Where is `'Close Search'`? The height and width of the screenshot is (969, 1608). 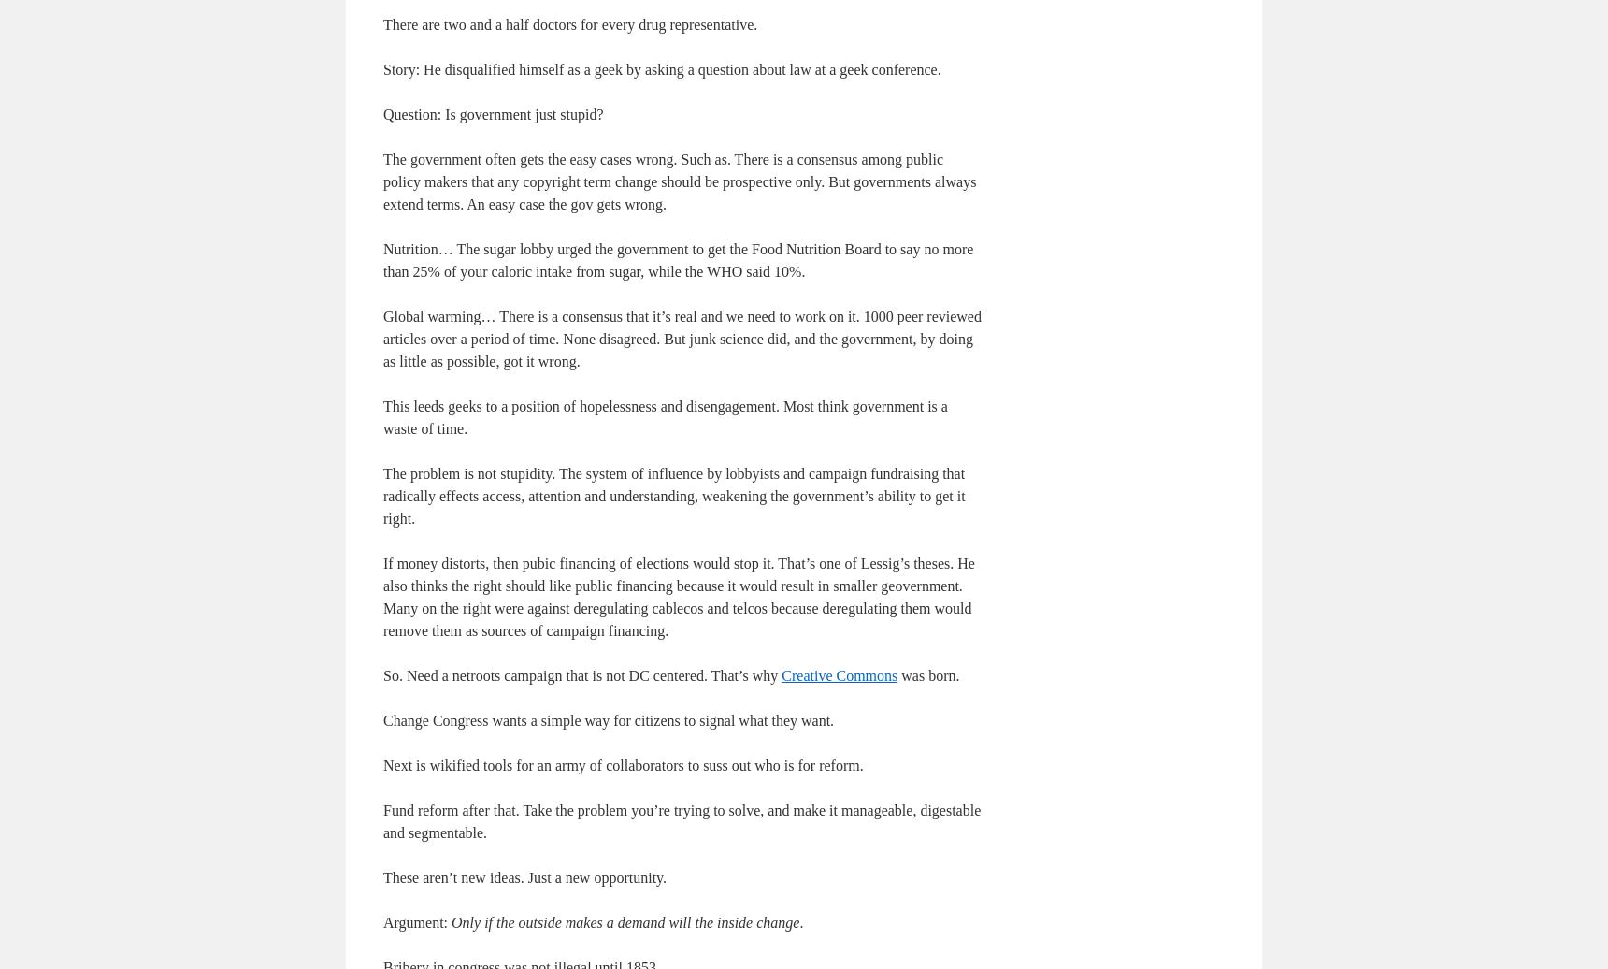 'Close Search' is located at coordinates (1530, 801).